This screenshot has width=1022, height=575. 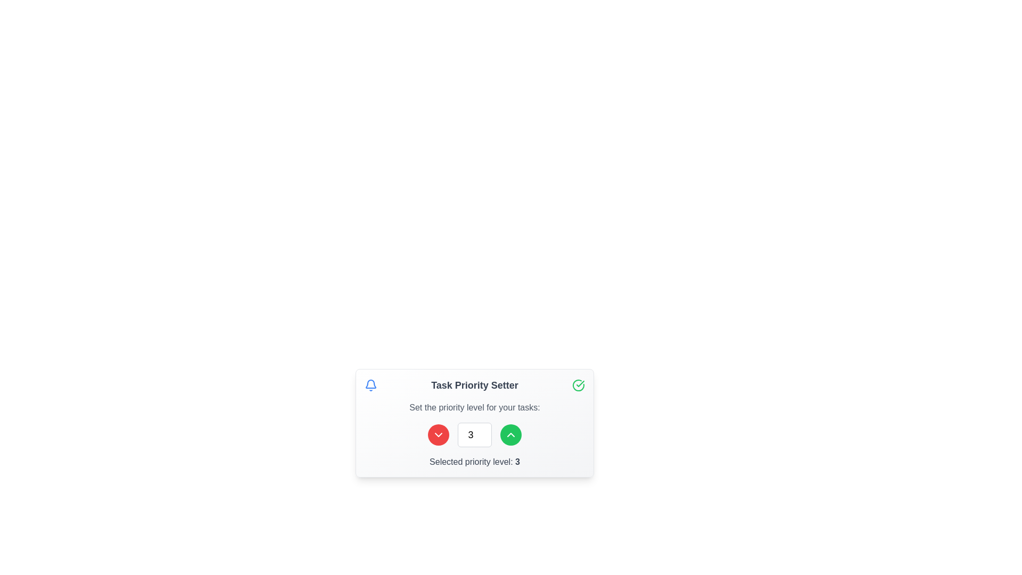 I want to click on the text label displaying 'Selected priority level: 3' which is located at the bottom of the 'Task Priority Setter' UI card, so click(x=474, y=461).